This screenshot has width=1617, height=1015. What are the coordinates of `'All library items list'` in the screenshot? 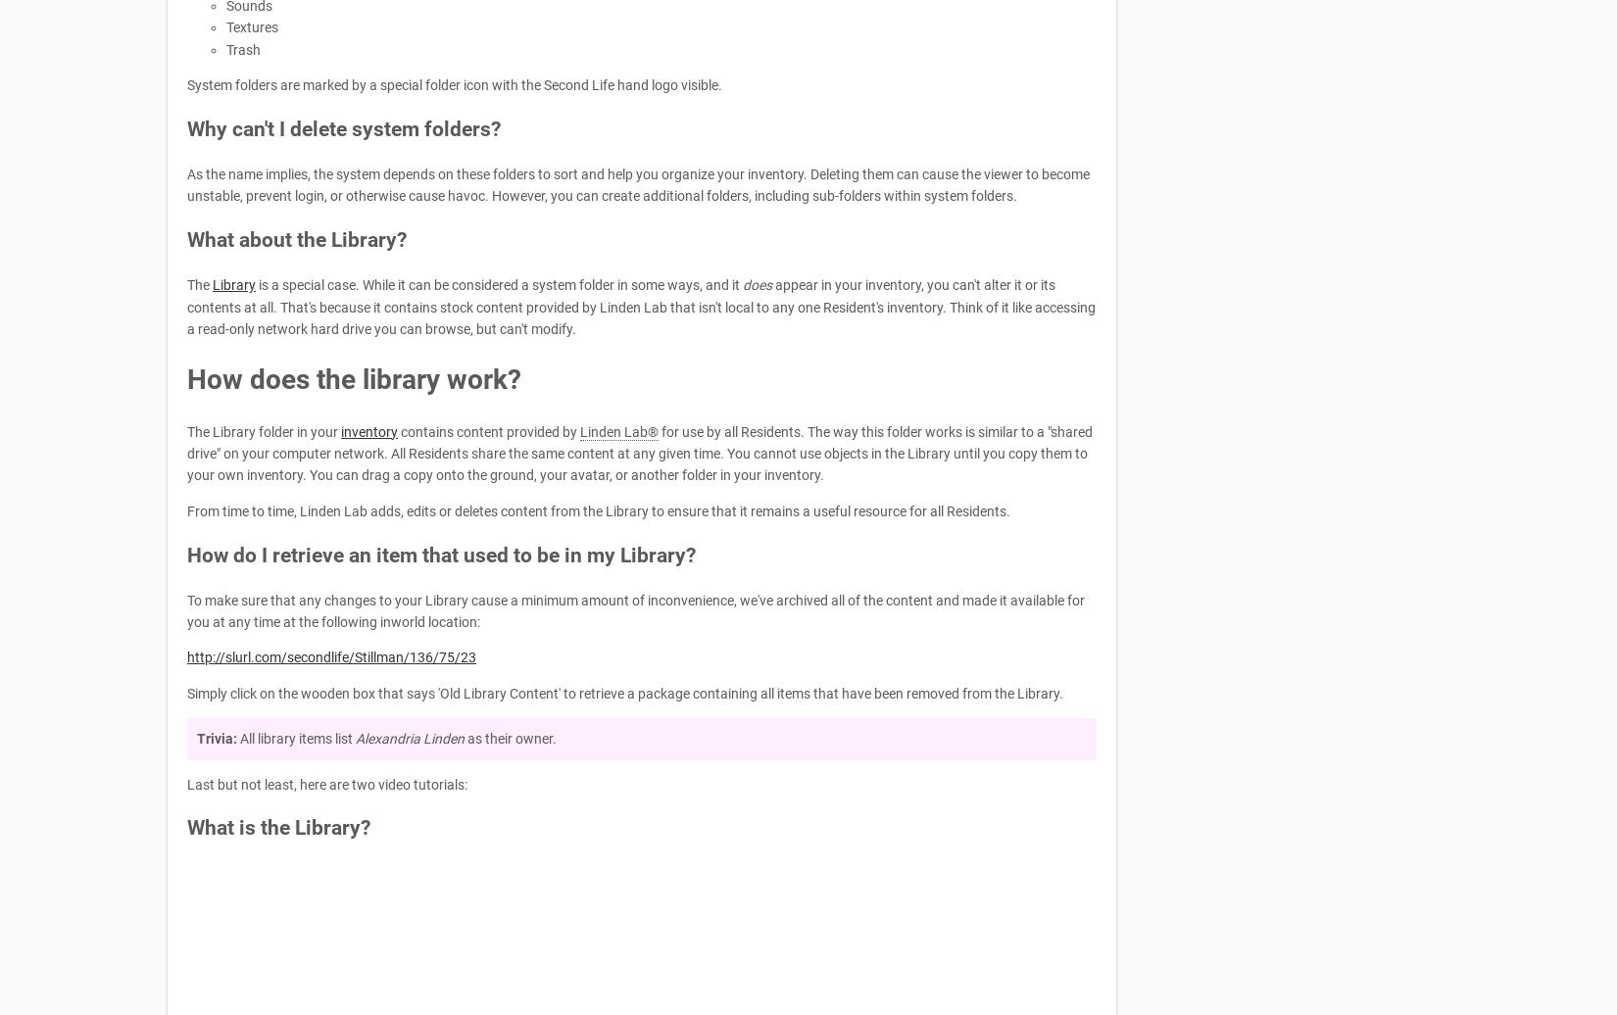 It's located at (237, 739).